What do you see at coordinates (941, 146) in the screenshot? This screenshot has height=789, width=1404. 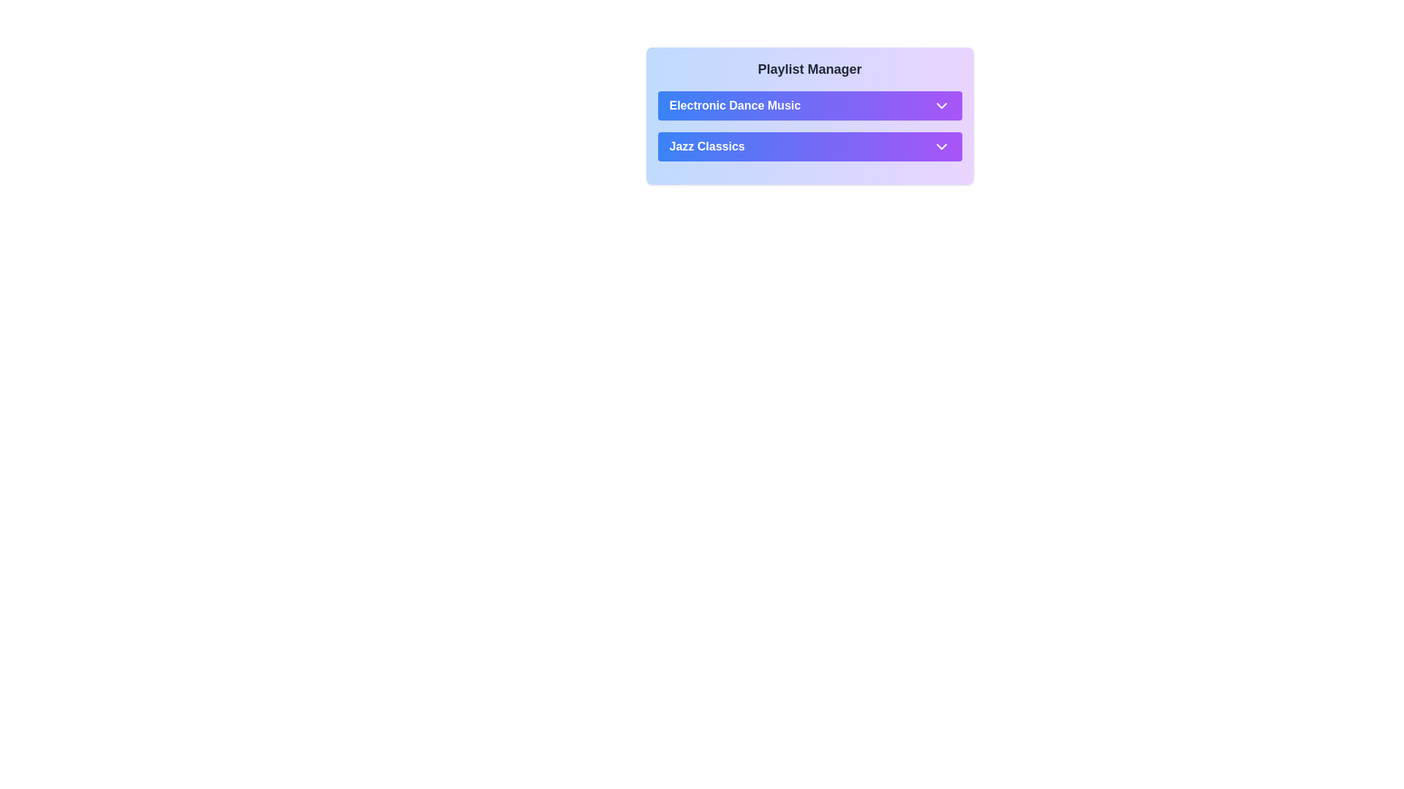 I see `the dropdown indicator icon for the 'Jazz Classics' playlist` at bounding box center [941, 146].